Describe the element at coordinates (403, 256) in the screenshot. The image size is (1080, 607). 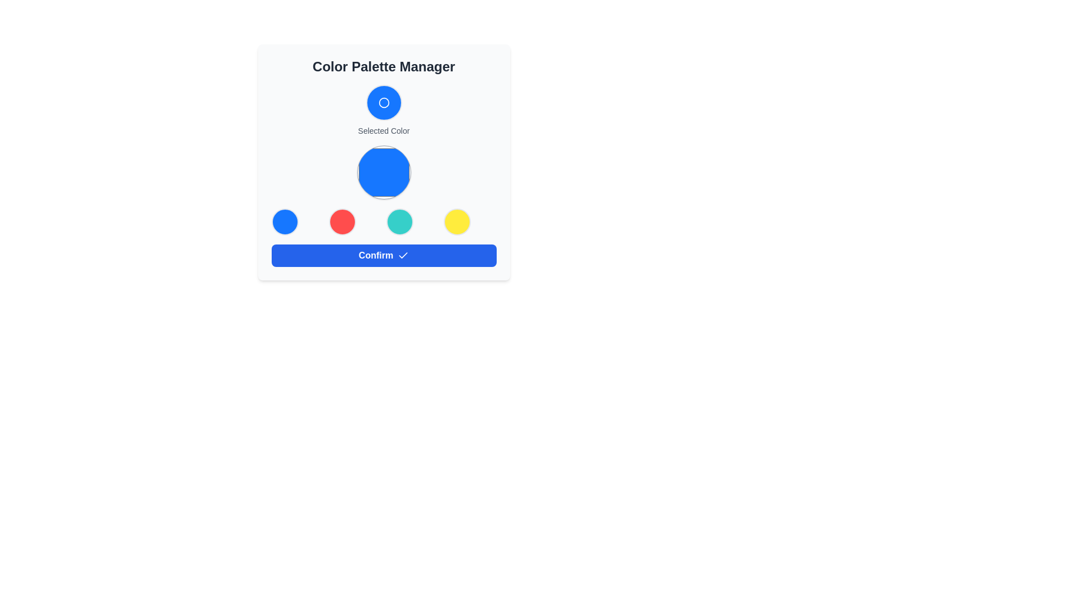
I see `the confirmation icon located to the right of the 'Confirm' button, which indicates selection or confirmation` at that location.